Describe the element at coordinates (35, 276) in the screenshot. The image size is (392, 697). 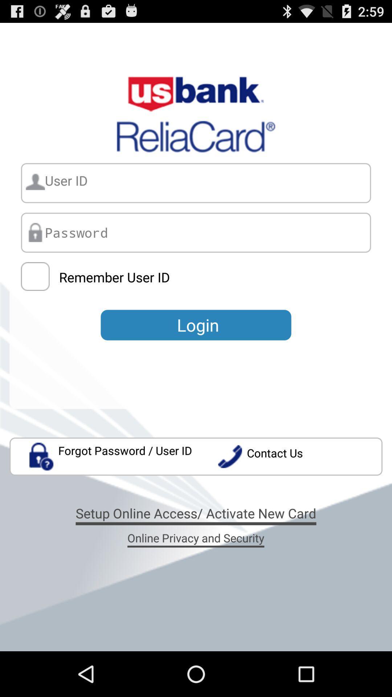
I see `the icon to the left of remember user id item` at that location.